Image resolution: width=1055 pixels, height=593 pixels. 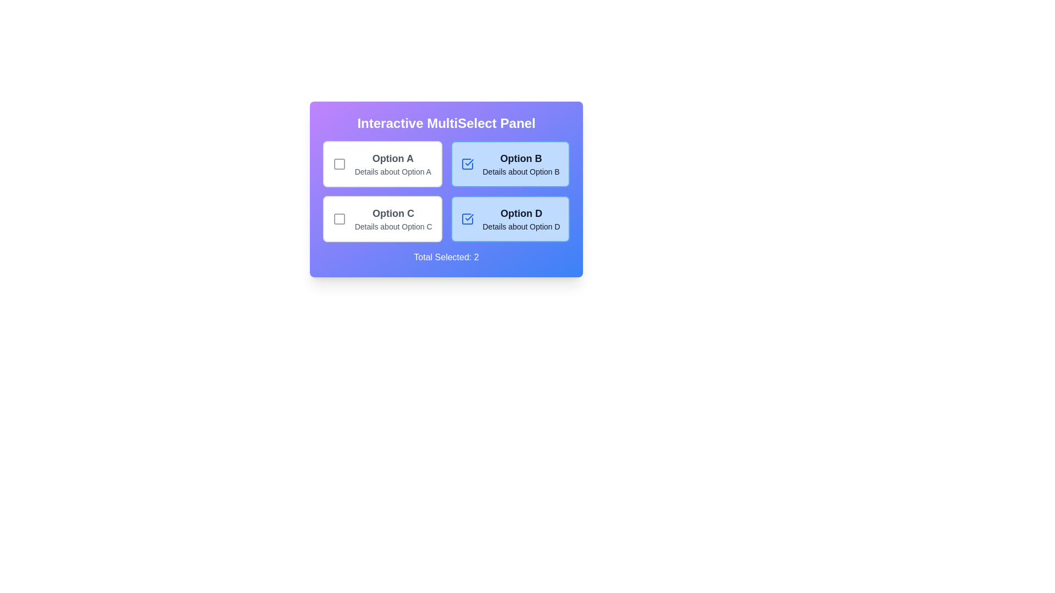 I want to click on the item labeled Option C, so click(x=382, y=219).